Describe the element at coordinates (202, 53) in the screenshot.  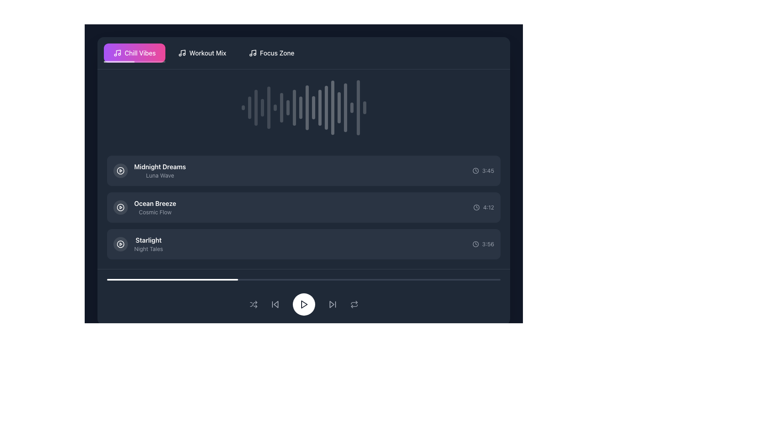
I see `the 'Workout Mix' button, which is a rounded rectangular button with white text and a musical note icon, located between 'Chill Vibes' and 'Focus Zone'` at that location.